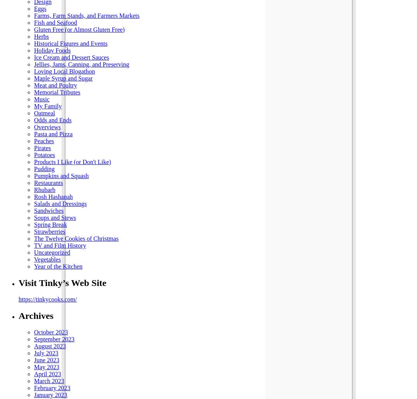 This screenshot has height=399, width=417. I want to click on 'Visit Tinky’s Web Site', so click(62, 282).